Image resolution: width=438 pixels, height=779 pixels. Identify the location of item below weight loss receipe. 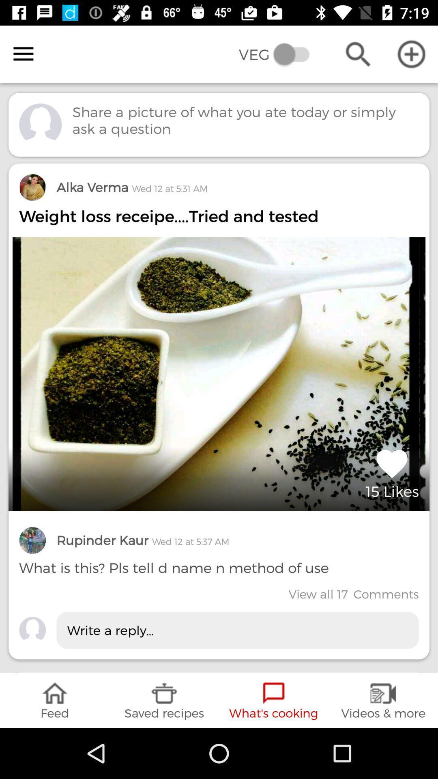
(392, 473).